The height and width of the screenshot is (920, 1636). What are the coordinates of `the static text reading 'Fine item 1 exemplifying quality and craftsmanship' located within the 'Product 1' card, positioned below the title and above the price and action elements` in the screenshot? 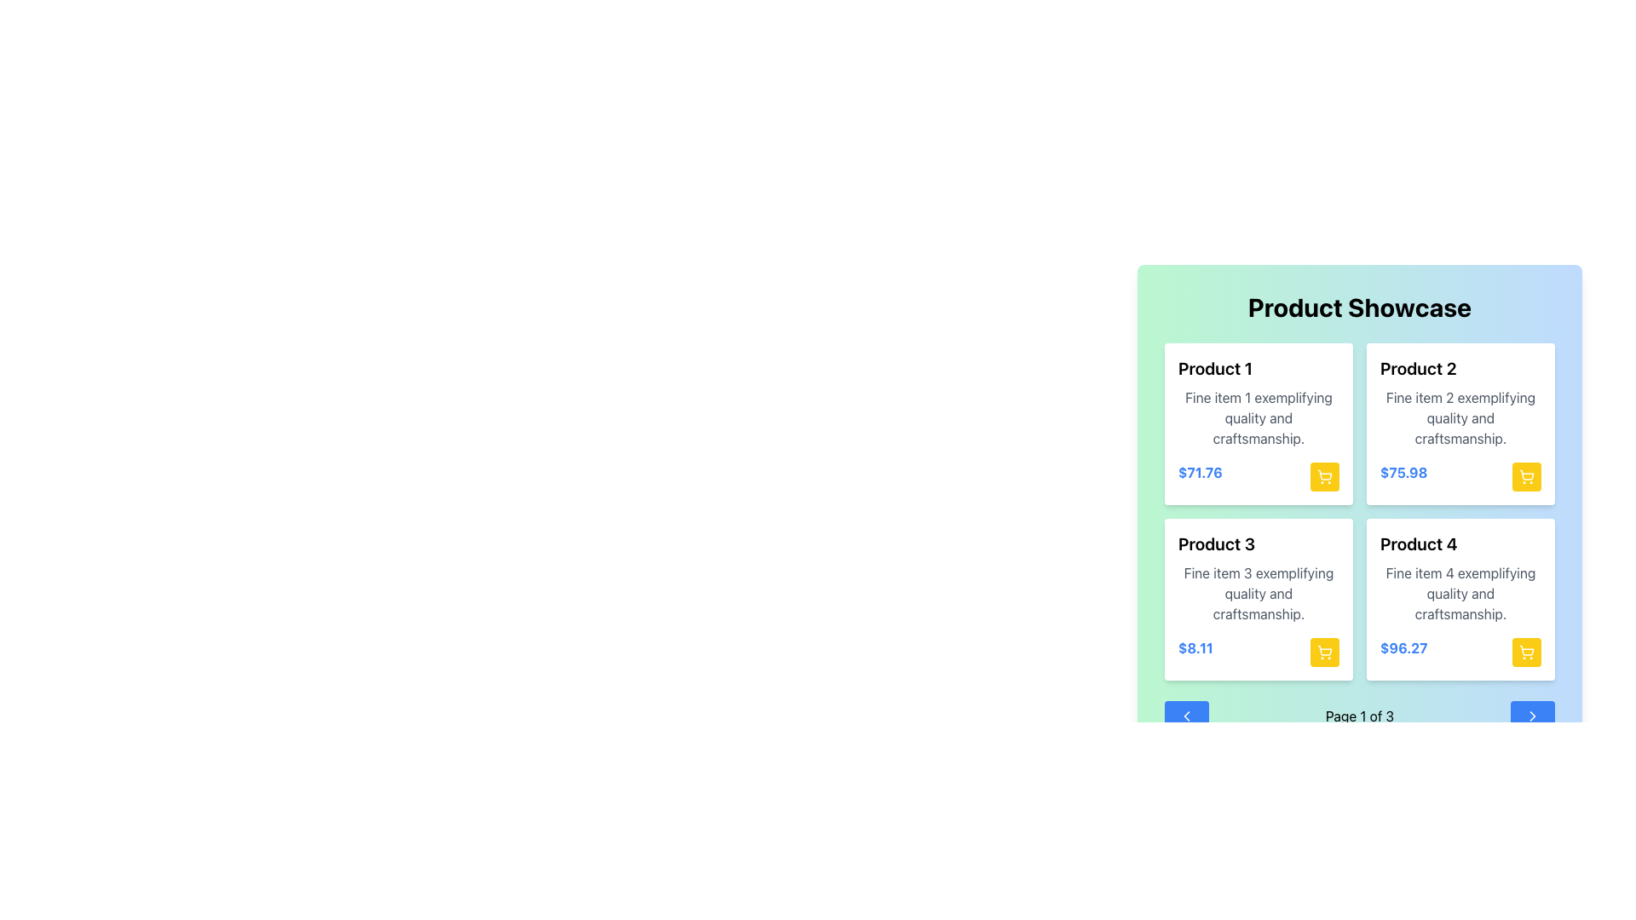 It's located at (1259, 417).